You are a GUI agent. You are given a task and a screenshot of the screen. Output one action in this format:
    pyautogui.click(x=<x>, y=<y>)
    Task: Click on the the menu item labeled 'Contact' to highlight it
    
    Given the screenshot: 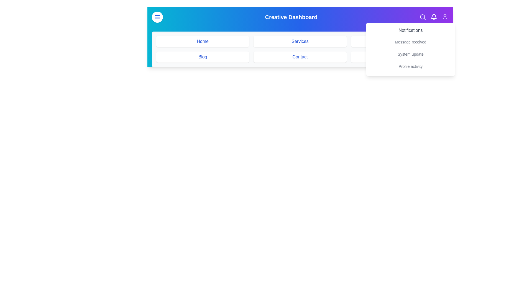 What is the action you would take?
    pyautogui.click(x=300, y=57)
    